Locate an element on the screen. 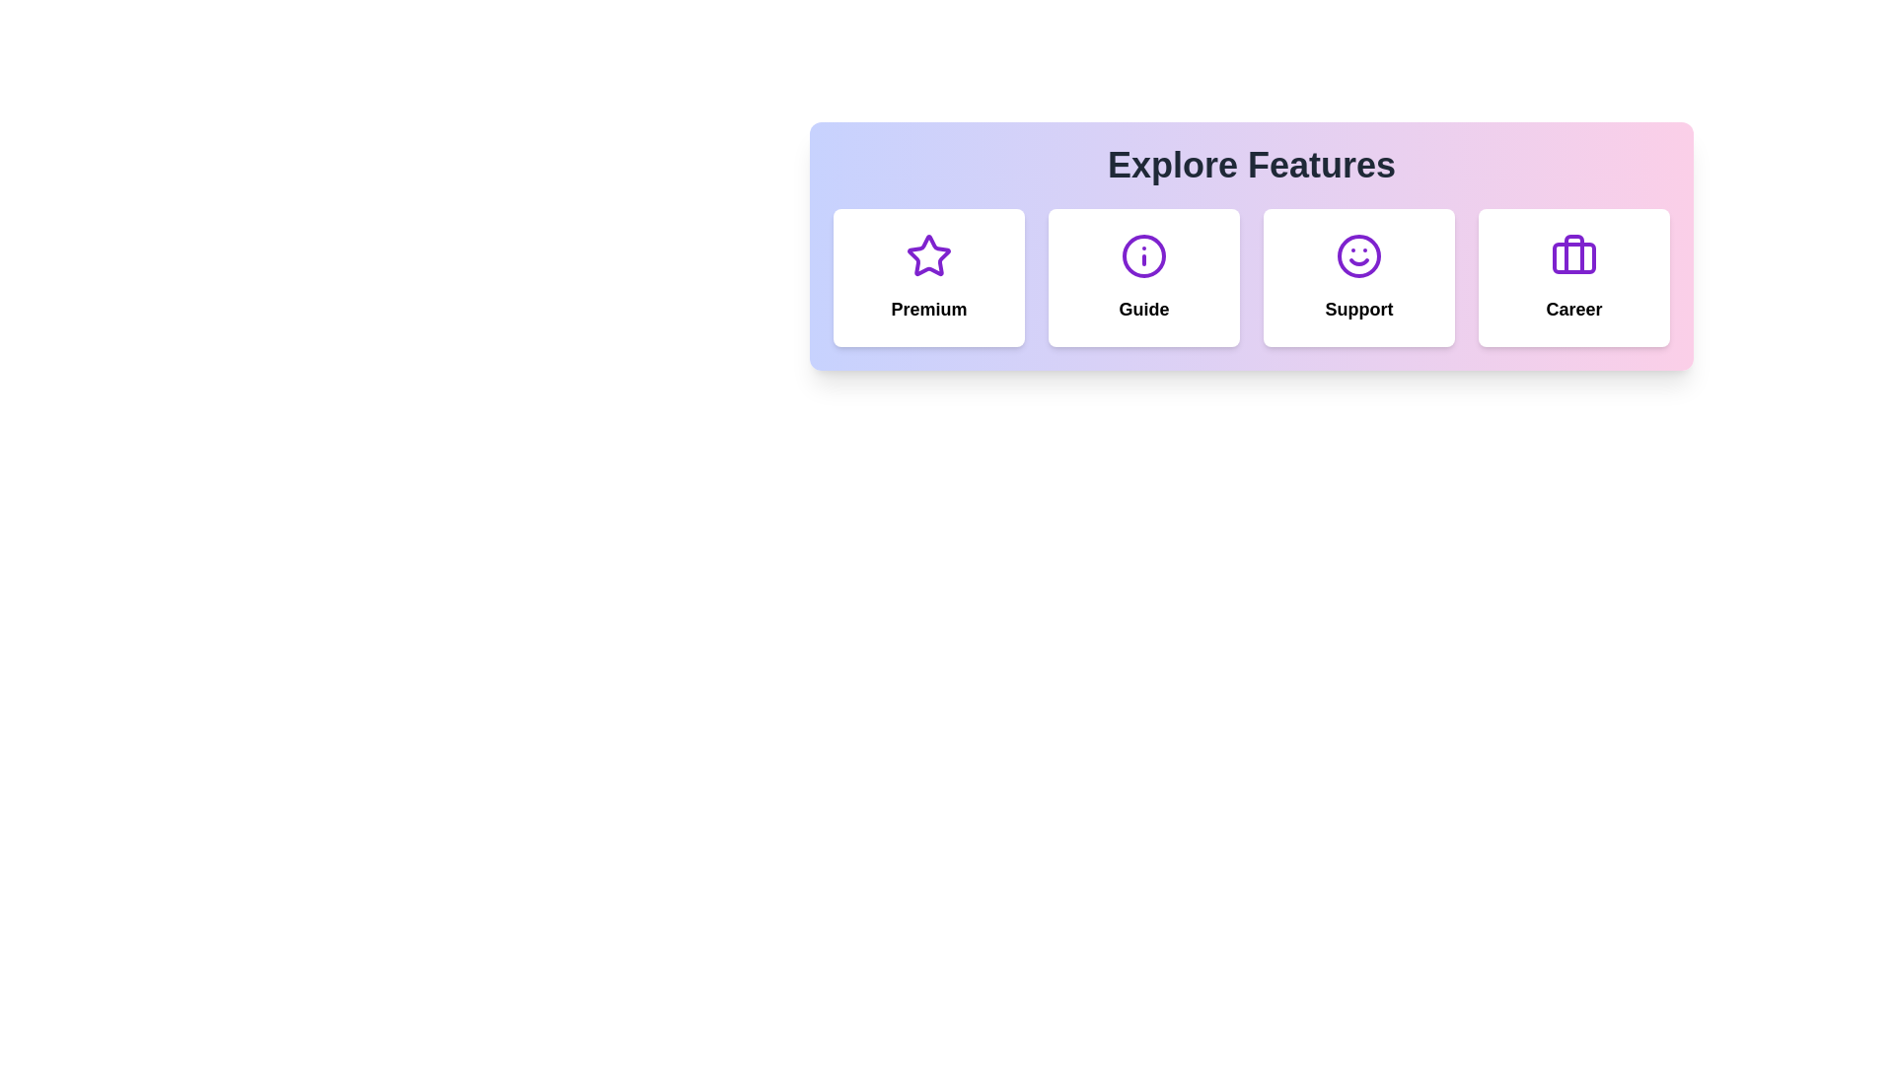 Image resolution: width=1894 pixels, height=1065 pixels. the premium feature icon located on the far left of the four similar cards in the 'Explore Features' section is located at coordinates (927, 254).